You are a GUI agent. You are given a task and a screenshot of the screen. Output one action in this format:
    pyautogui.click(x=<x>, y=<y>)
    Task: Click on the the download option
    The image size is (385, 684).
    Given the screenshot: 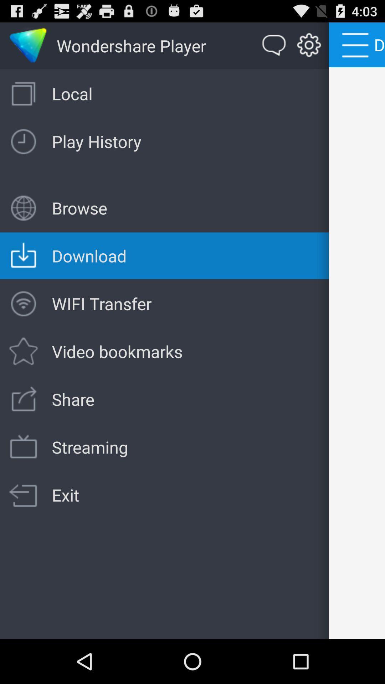 What is the action you would take?
    pyautogui.click(x=28, y=46)
    